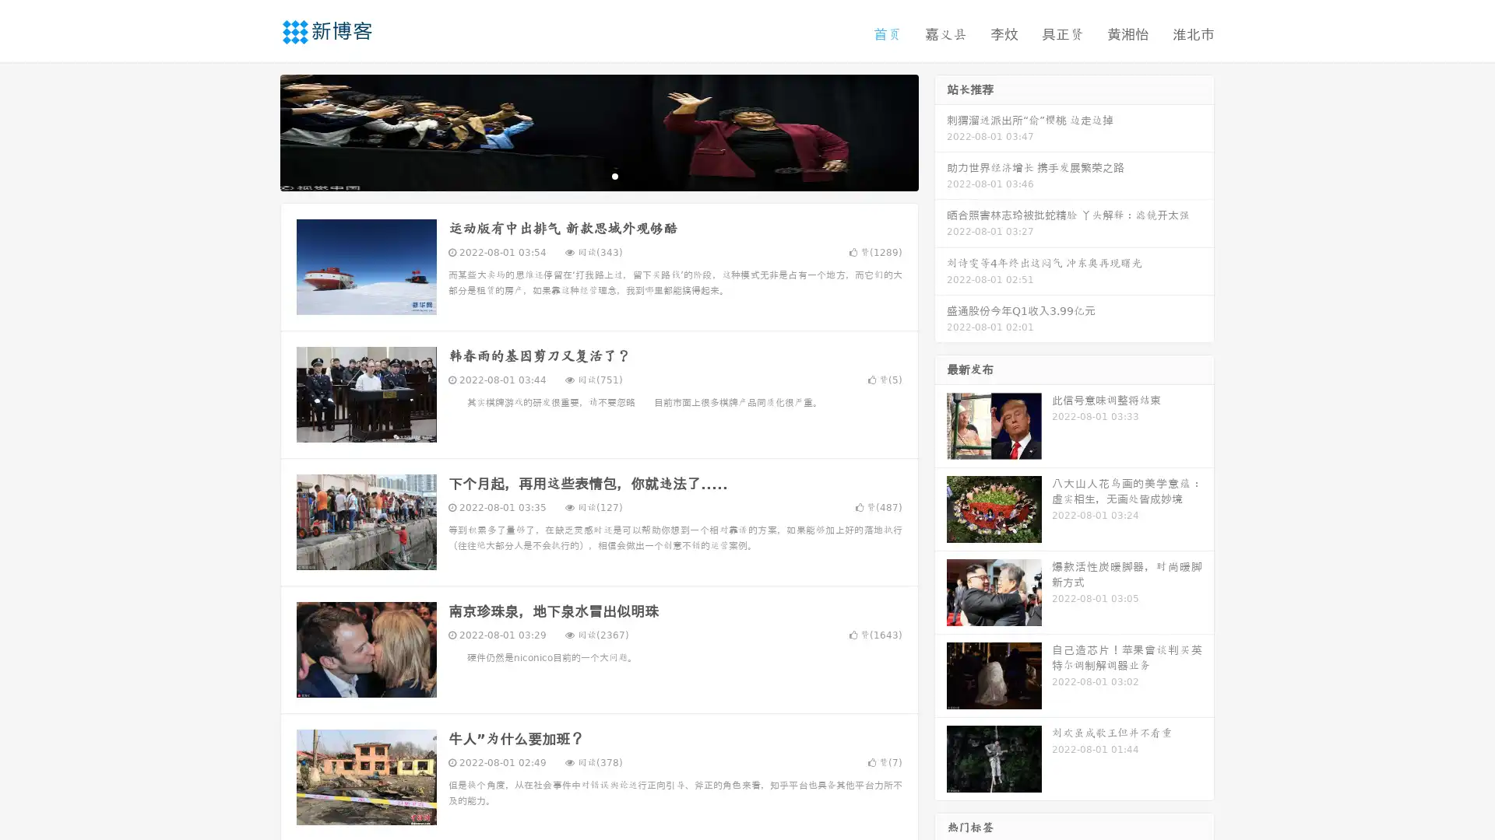  I want to click on Previous slide, so click(257, 131).